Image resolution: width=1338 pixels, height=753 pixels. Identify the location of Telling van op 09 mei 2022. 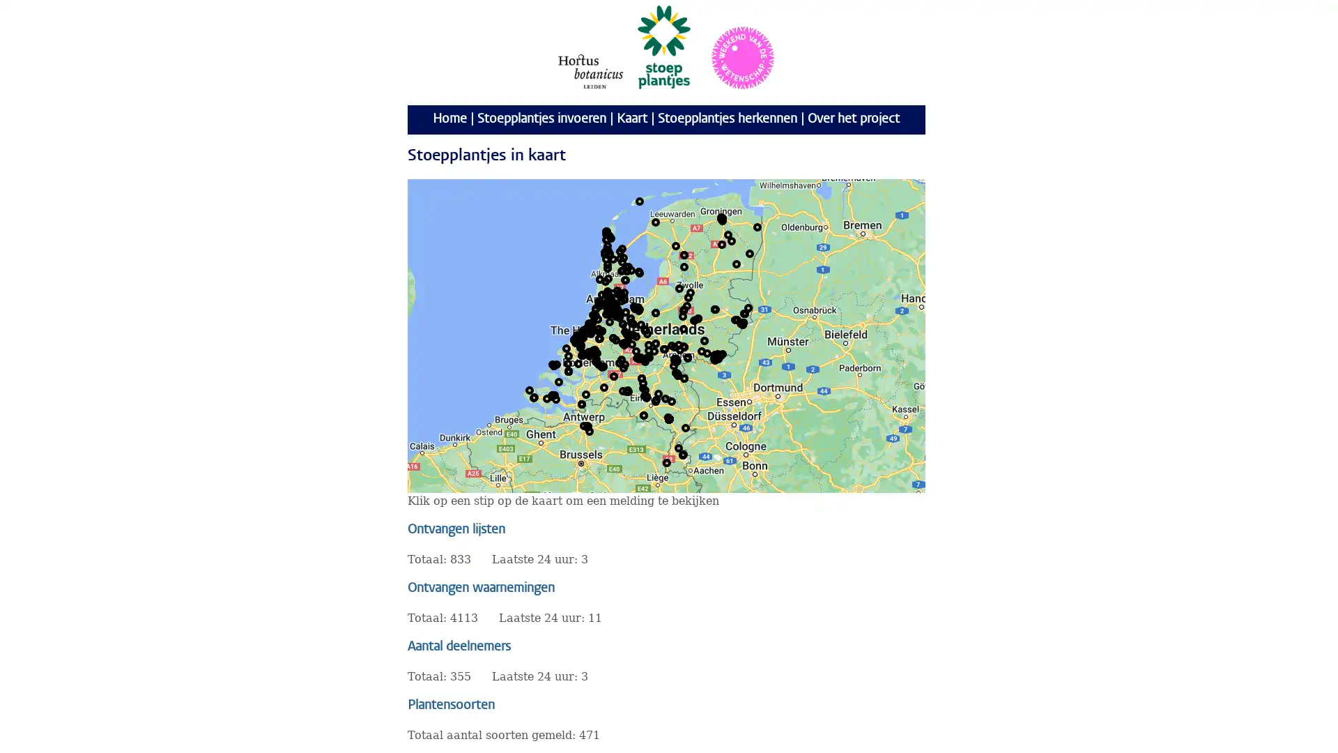
(599, 279).